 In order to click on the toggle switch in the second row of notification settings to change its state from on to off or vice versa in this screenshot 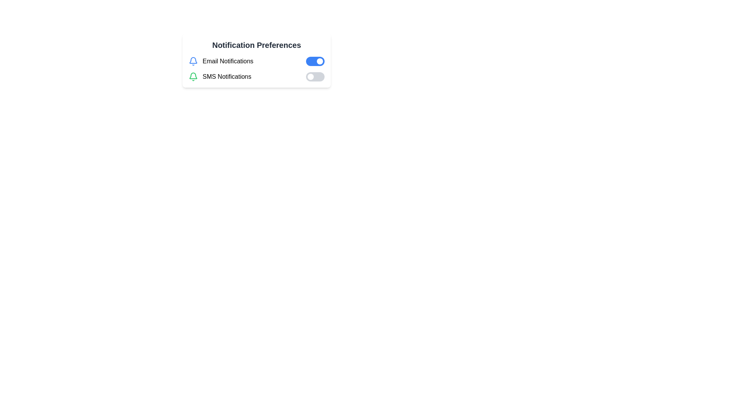, I will do `click(257, 77)`.